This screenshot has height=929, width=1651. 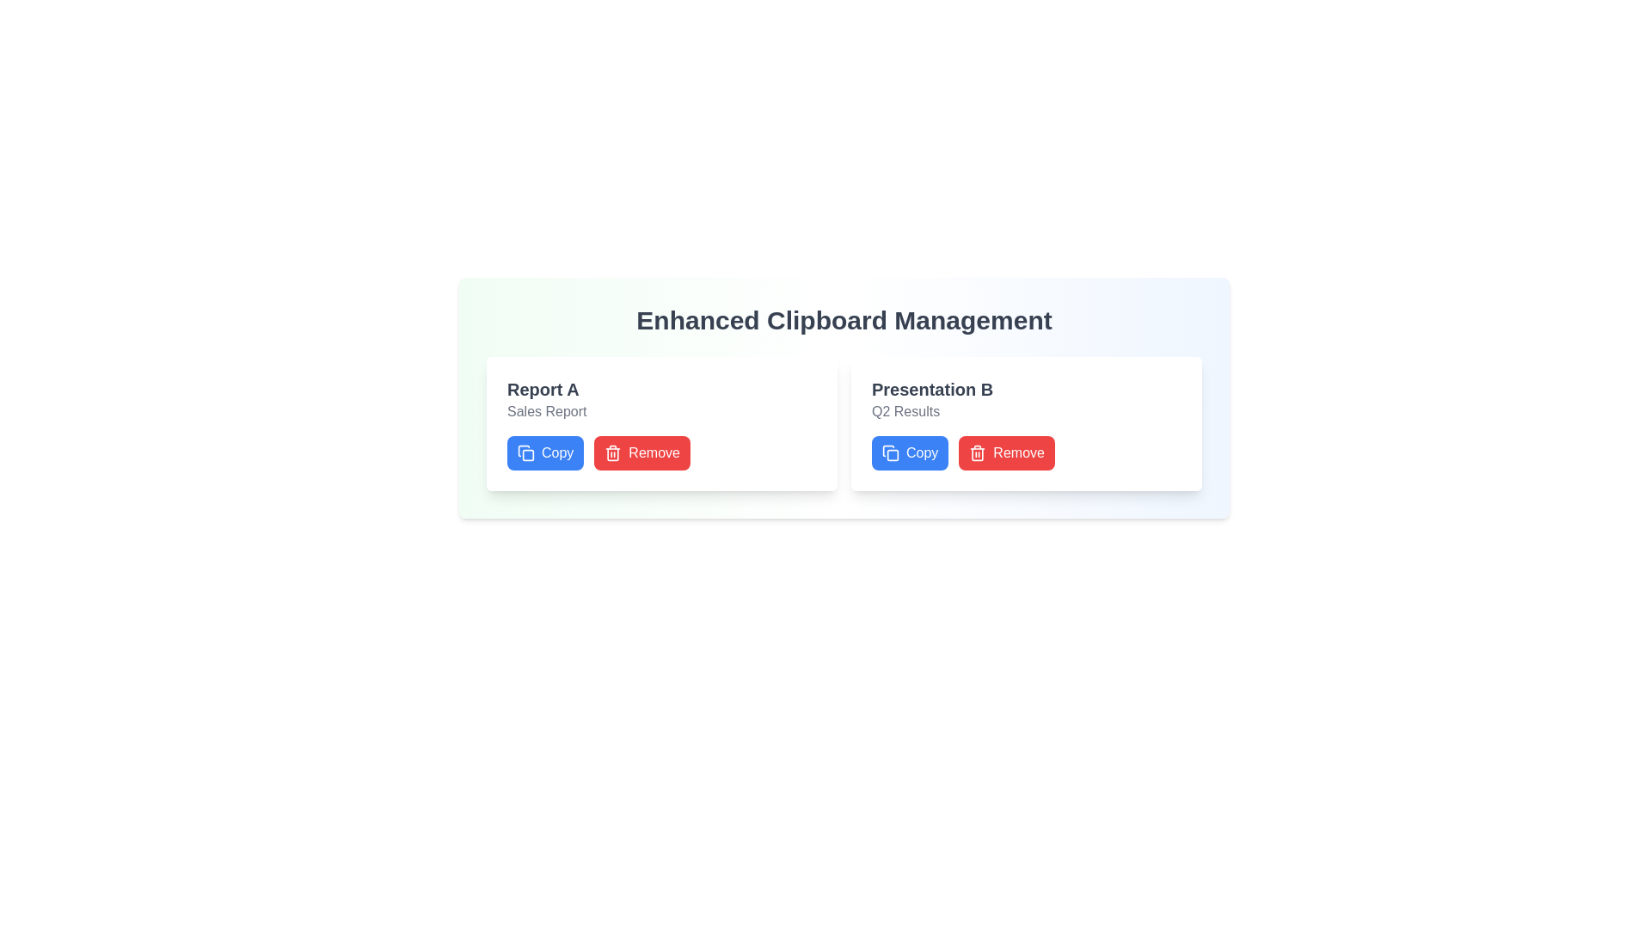 I want to click on the 'Copy' icon represented by two overlapping blue rectangles located within the 'Copy' button in the 'Report A' section, so click(x=523, y=450).